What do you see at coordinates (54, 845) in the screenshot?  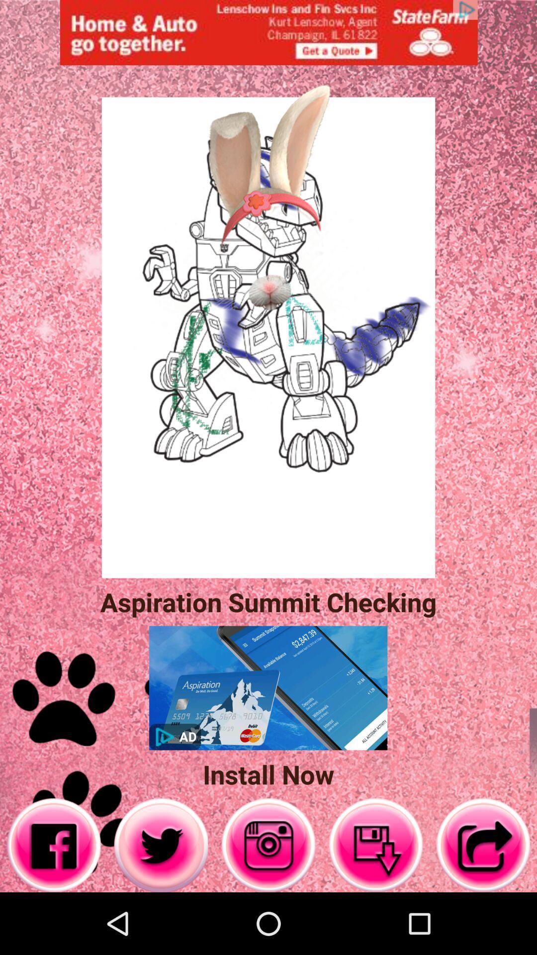 I see `open facebook` at bounding box center [54, 845].